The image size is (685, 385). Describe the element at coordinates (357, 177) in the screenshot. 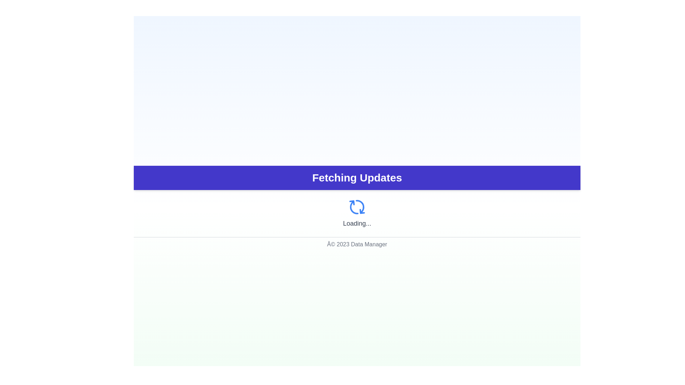

I see `the Status Banner element with a dark purple background and the text 'Fetching Updates' centered within it` at that location.